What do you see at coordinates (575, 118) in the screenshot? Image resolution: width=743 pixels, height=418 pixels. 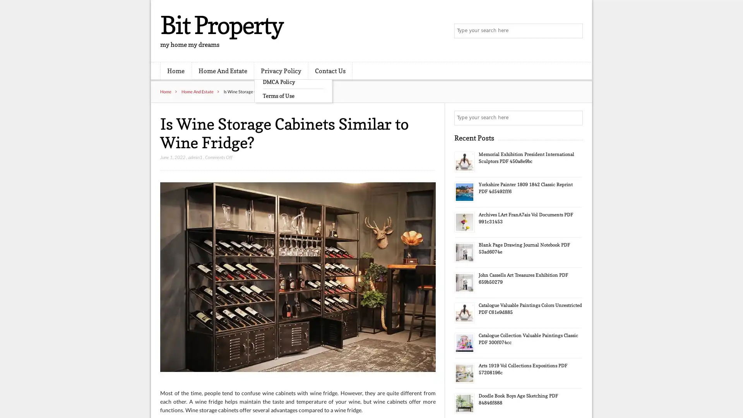 I see `Search` at bounding box center [575, 118].